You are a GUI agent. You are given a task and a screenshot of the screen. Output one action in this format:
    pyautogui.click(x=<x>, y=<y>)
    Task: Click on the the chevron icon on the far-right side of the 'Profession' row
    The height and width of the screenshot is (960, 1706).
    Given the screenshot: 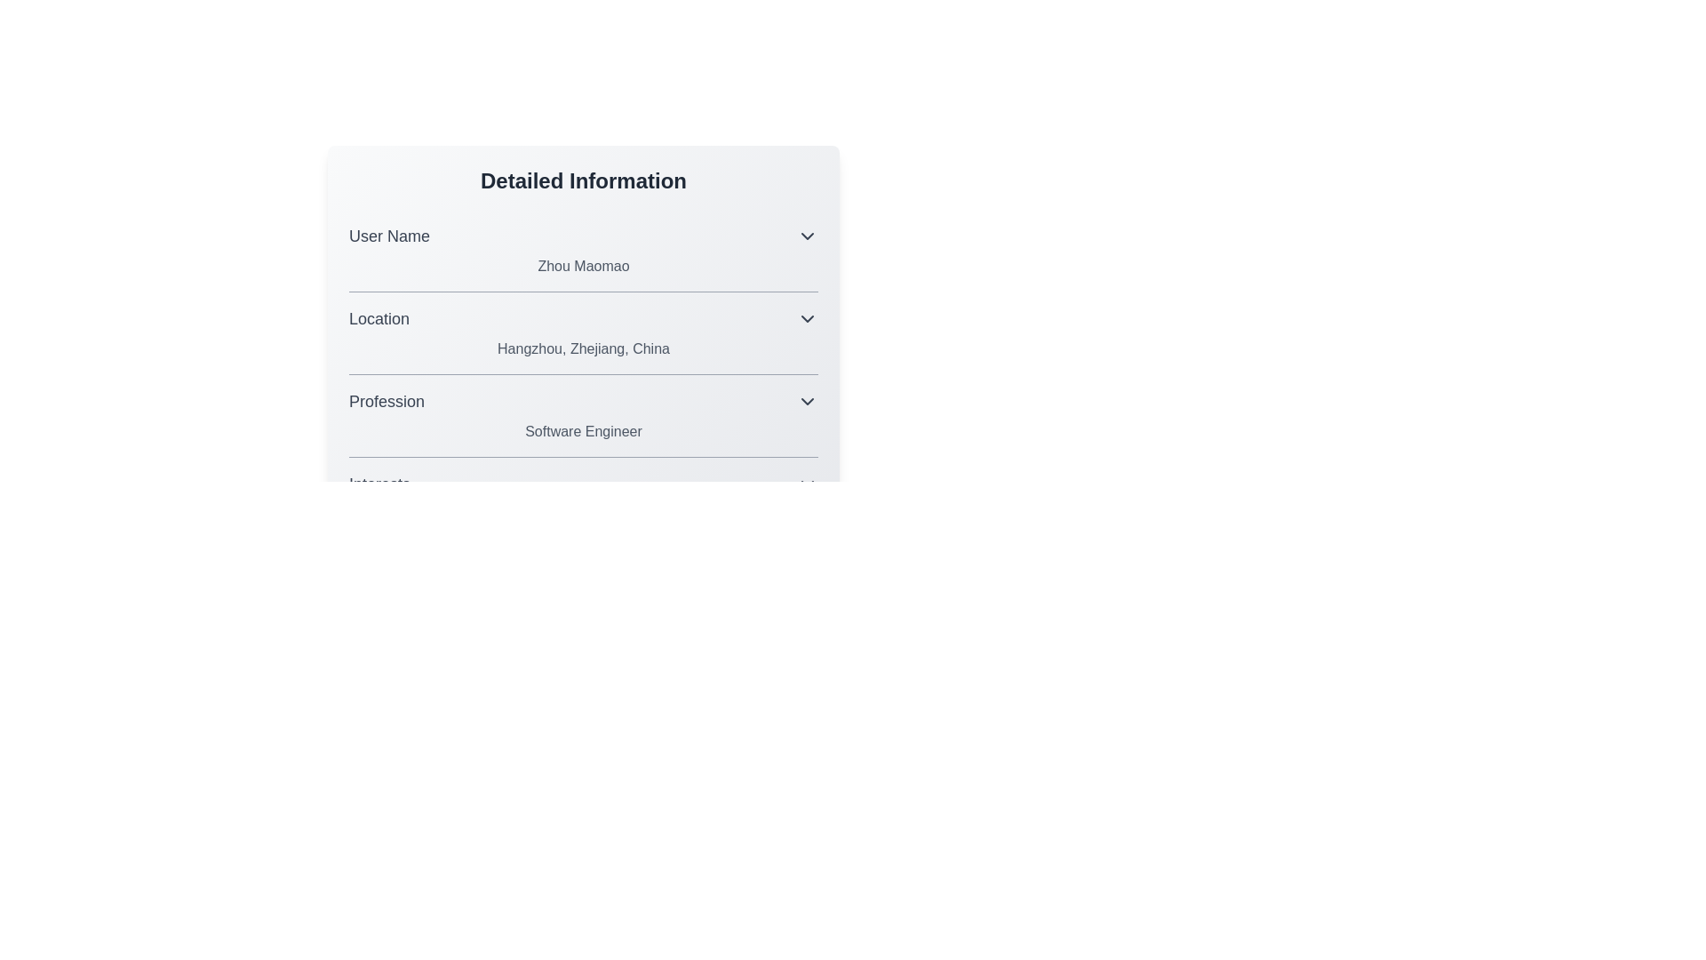 What is the action you would take?
    pyautogui.click(x=806, y=401)
    